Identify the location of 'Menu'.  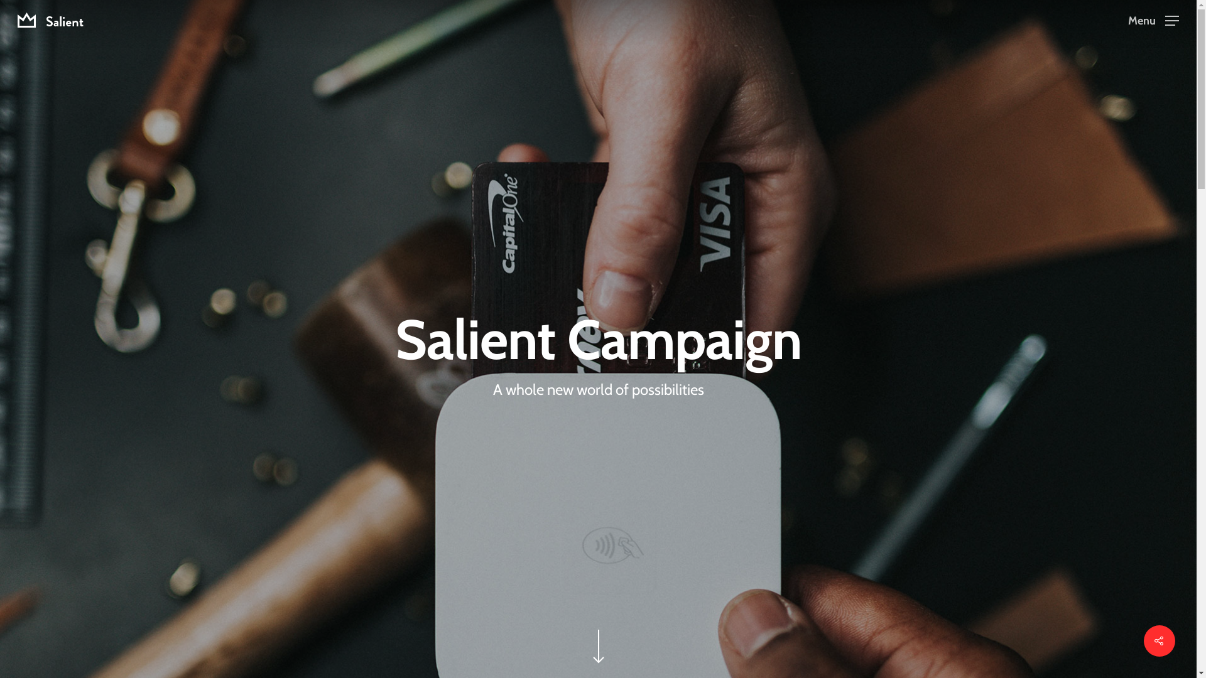
(1153, 19).